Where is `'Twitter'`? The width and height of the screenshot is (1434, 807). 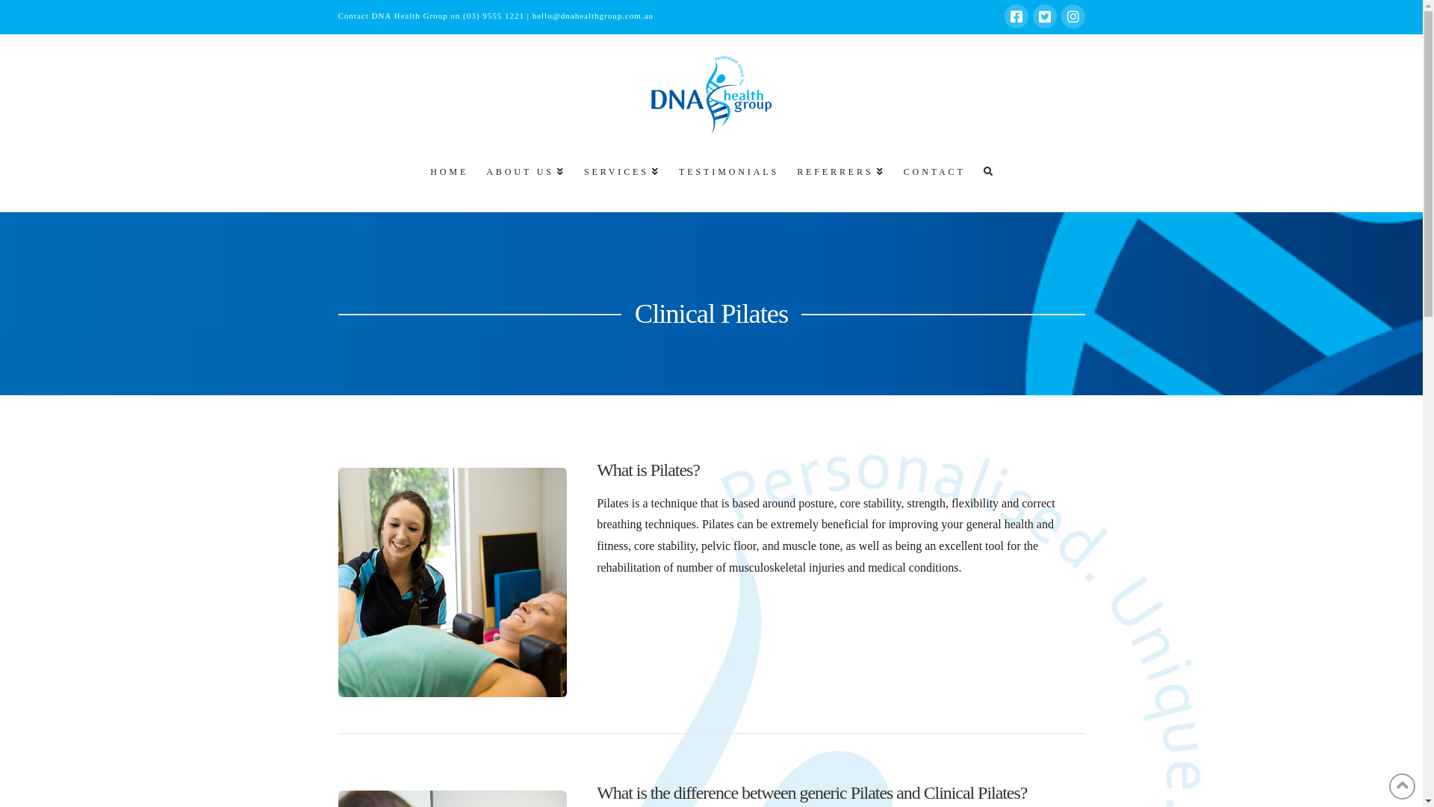
'Twitter' is located at coordinates (1043, 16).